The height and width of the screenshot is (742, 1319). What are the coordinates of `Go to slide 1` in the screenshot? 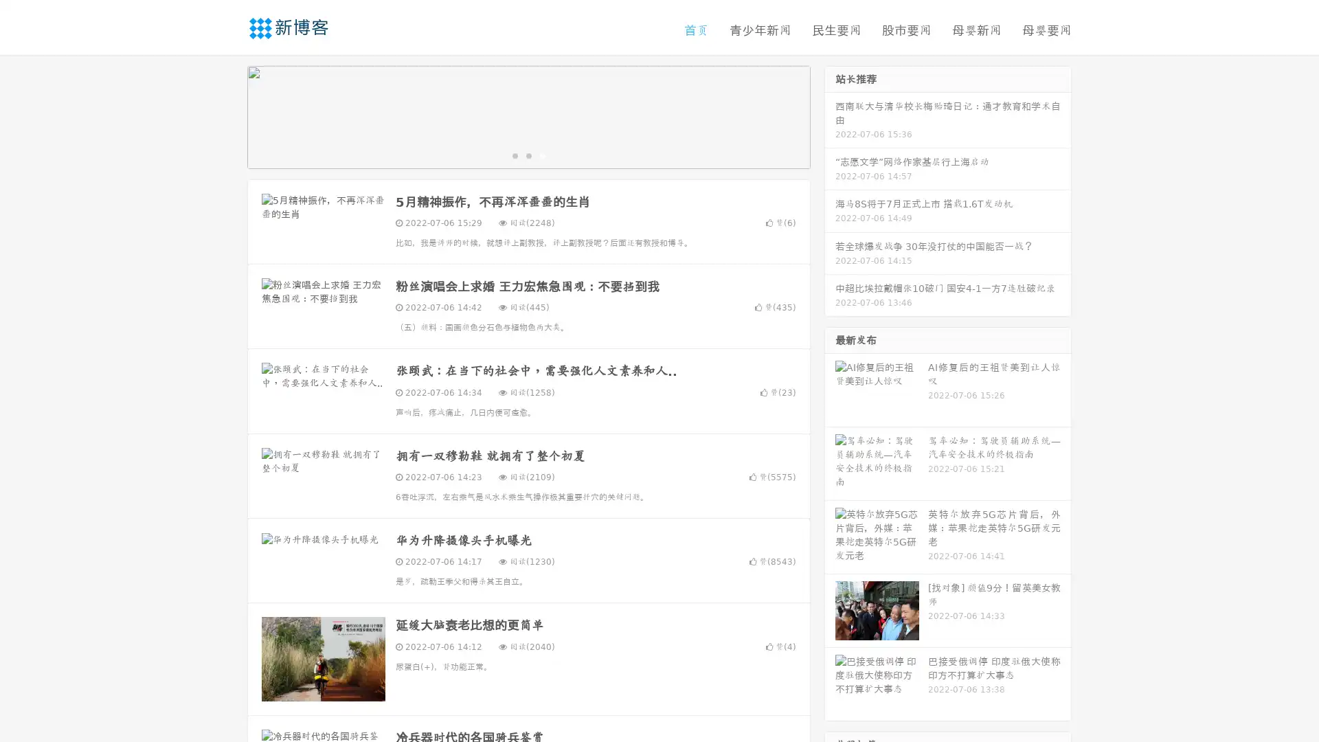 It's located at (514, 155).